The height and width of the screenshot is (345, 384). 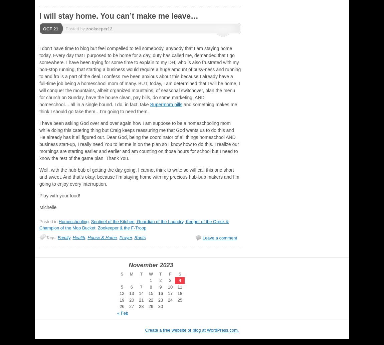 What do you see at coordinates (78, 237) in the screenshot?
I see `'Health'` at bounding box center [78, 237].